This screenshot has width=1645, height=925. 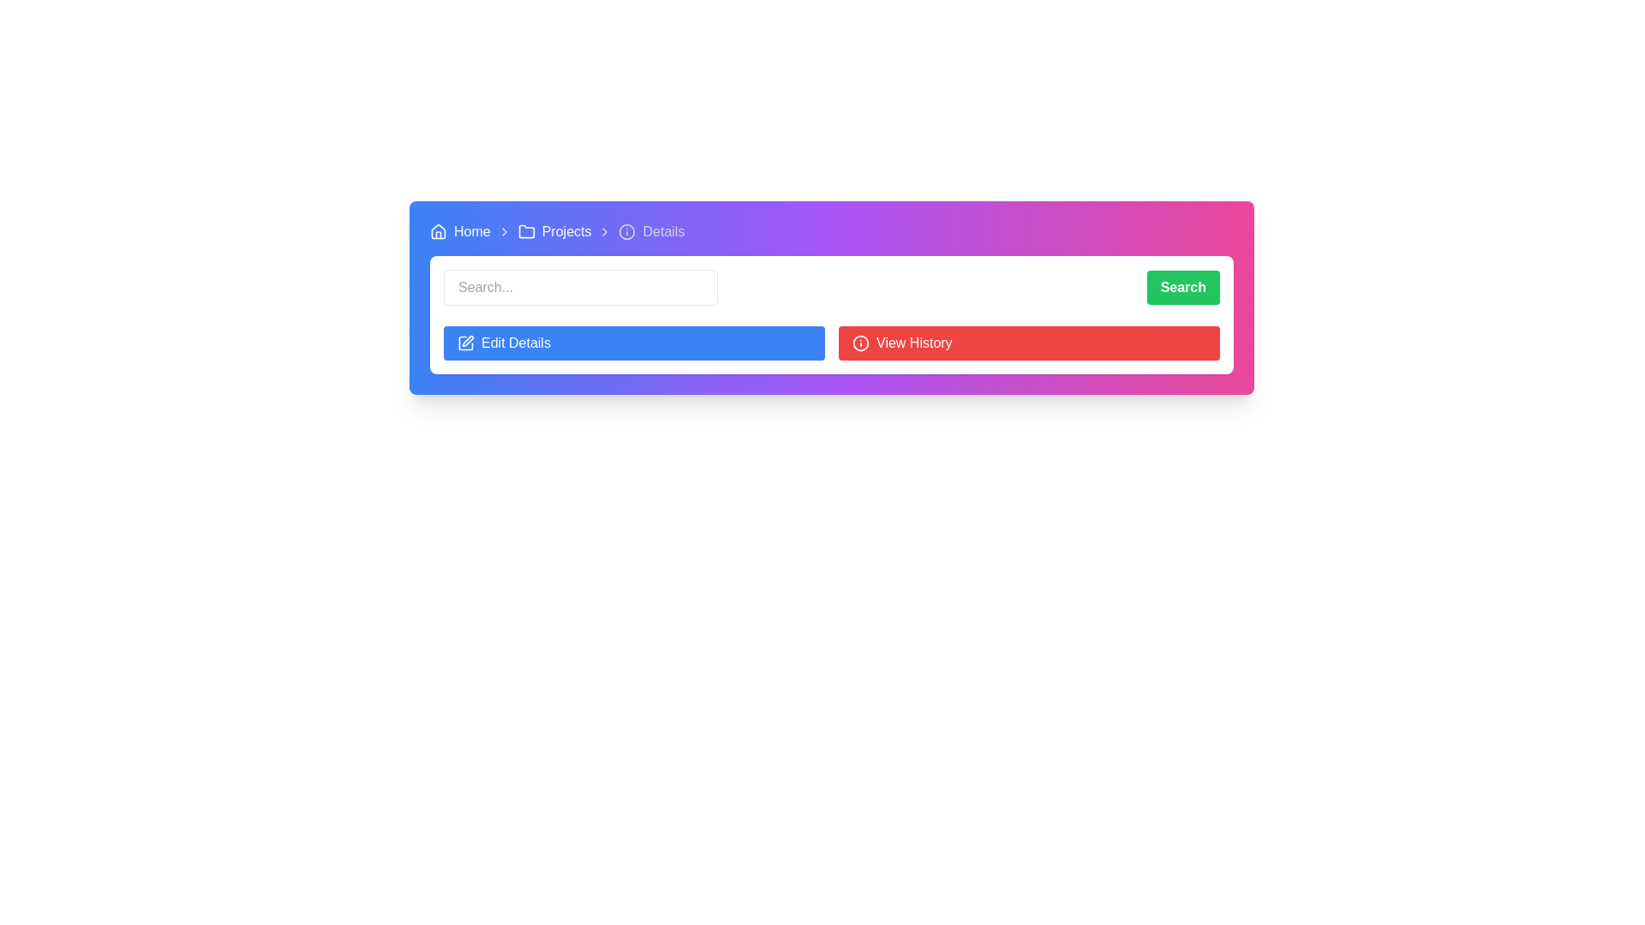 I want to click on the leftmost button in the two-button group at the top section of the interface, so click(x=633, y=343).